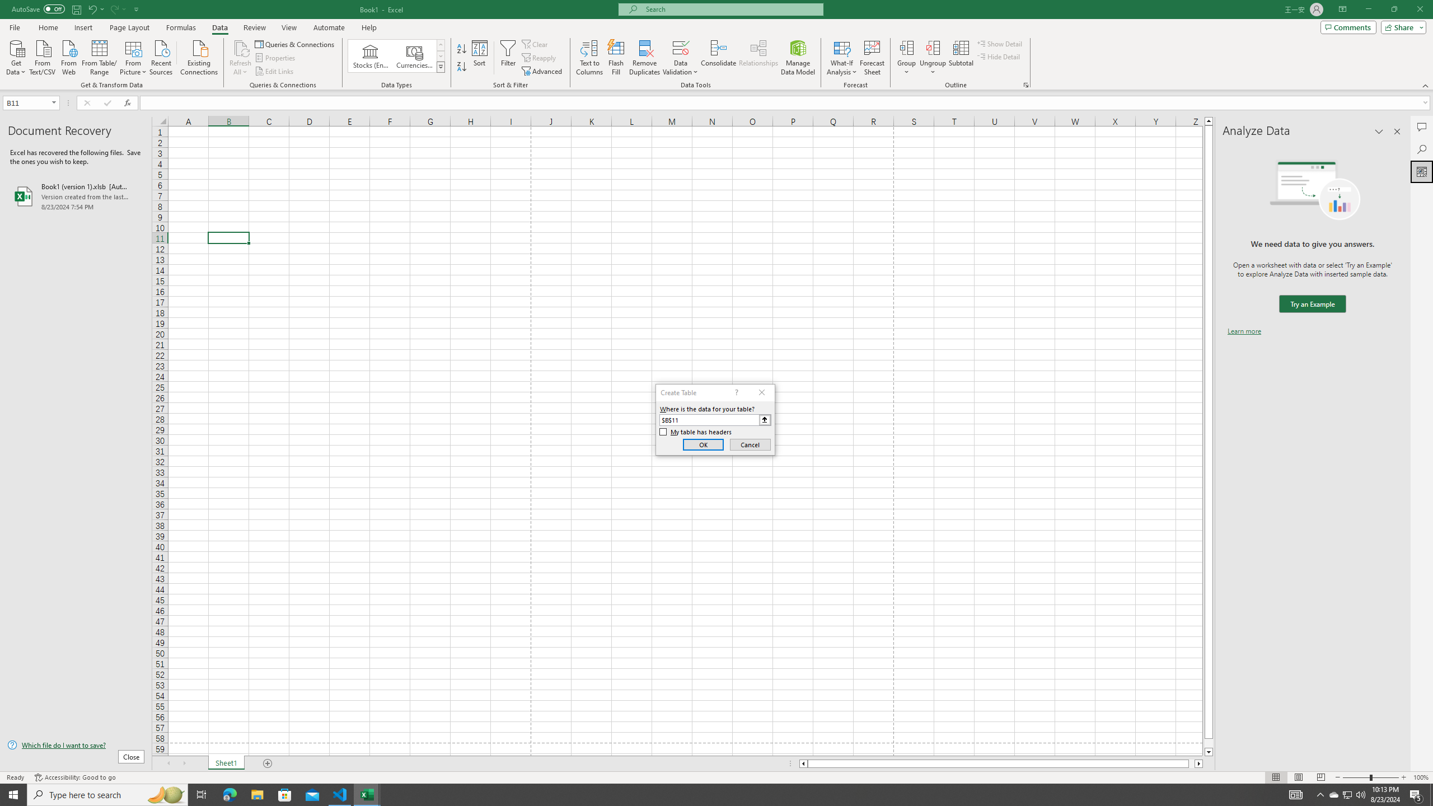  I want to click on 'Row Down', so click(441, 55).